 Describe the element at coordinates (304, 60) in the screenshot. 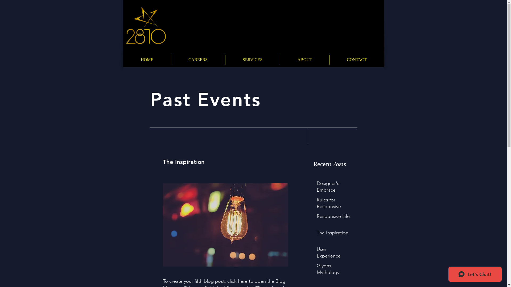

I see `'ABOUT'` at that location.